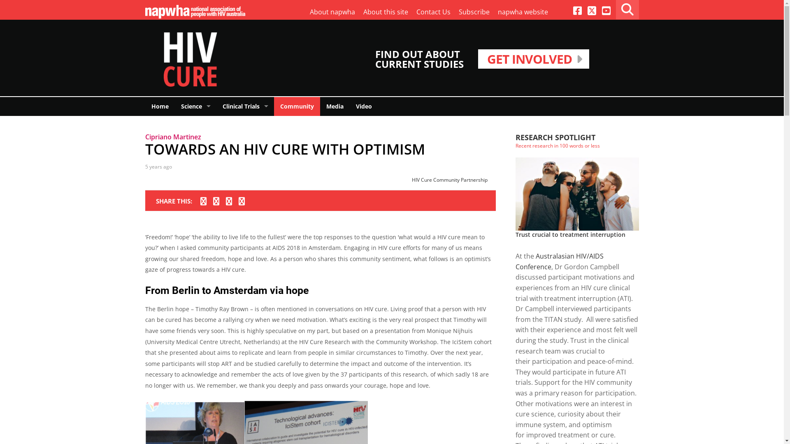 The width and height of the screenshot is (790, 444). I want to click on 'HIV Cure Community Partnership', so click(449, 179).